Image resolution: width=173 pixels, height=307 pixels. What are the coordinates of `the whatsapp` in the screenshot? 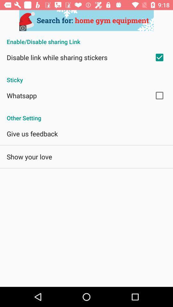 It's located at (21, 95).